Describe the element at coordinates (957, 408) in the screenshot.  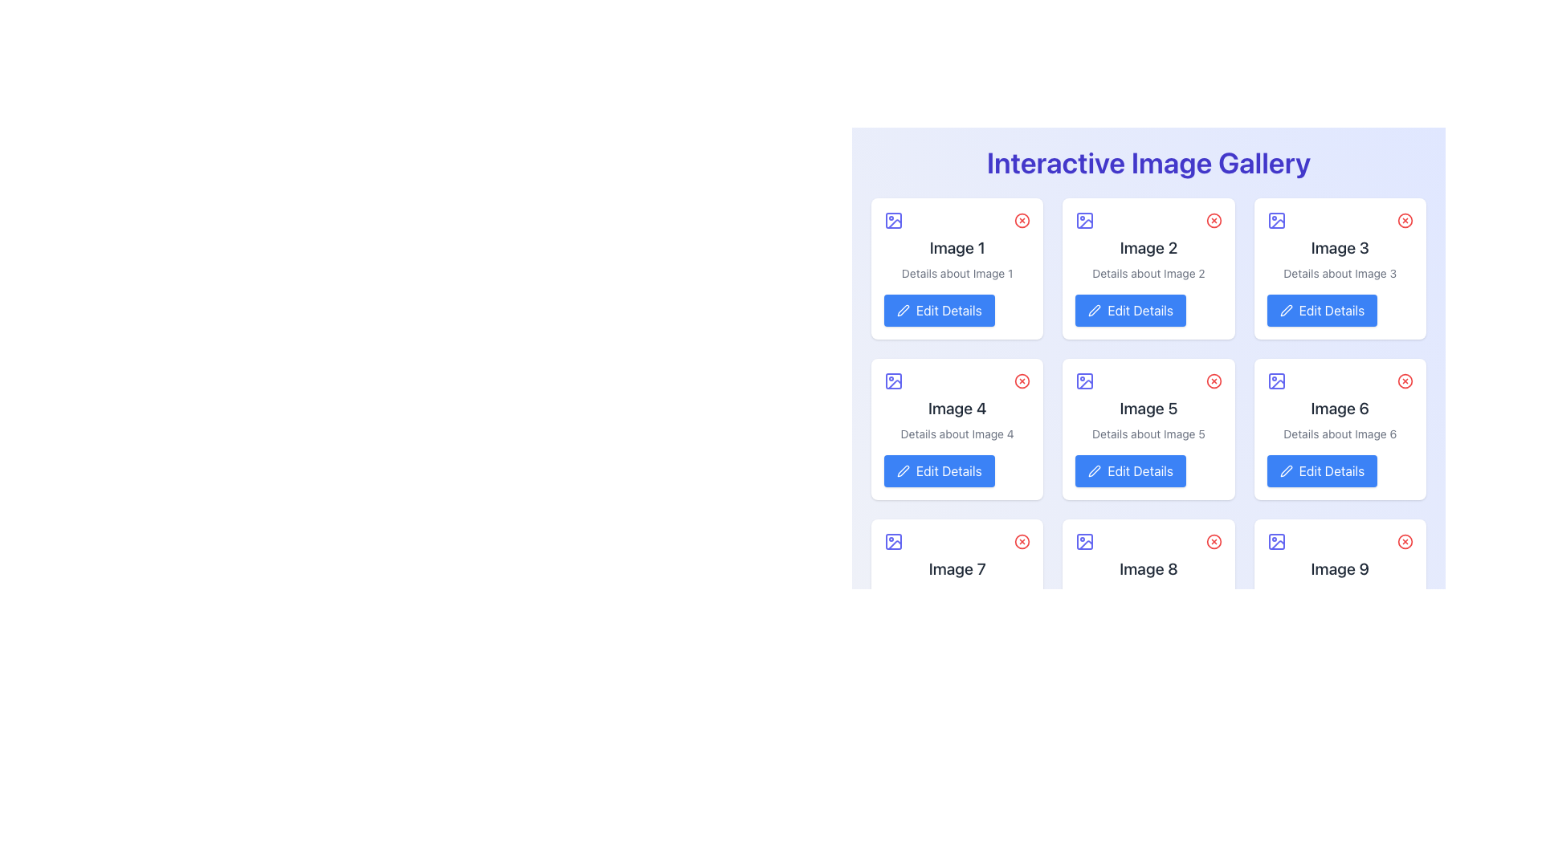
I see `the static text label 'Image 4' that identifies the corresponding card for image 4, located in the center of the first card in the second row of the grid` at that location.